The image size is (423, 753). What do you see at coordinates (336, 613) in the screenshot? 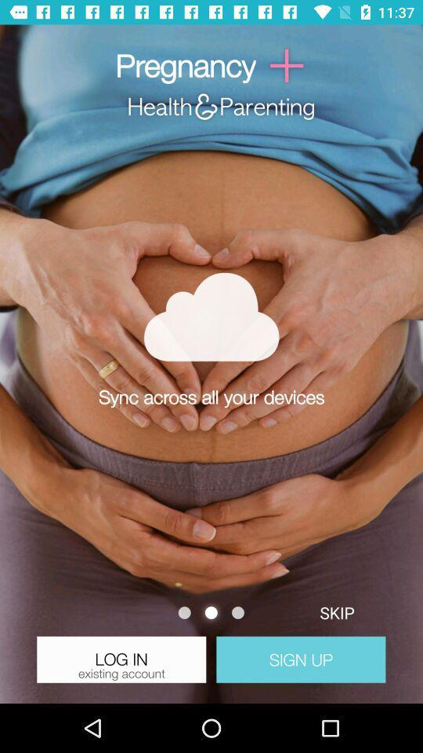
I see `skip` at bounding box center [336, 613].